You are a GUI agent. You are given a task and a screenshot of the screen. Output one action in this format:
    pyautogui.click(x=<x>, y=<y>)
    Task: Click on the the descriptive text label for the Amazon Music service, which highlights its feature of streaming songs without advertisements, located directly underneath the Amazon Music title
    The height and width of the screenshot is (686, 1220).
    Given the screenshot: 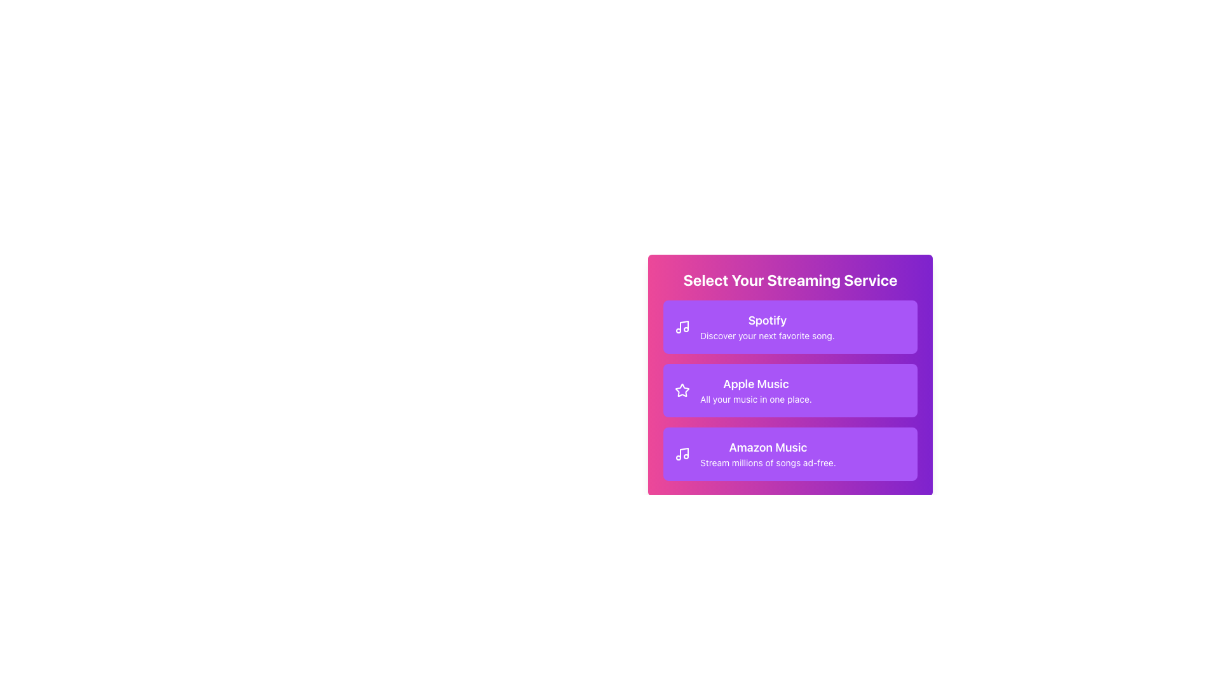 What is the action you would take?
    pyautogui.click(x=767, y=463)
    